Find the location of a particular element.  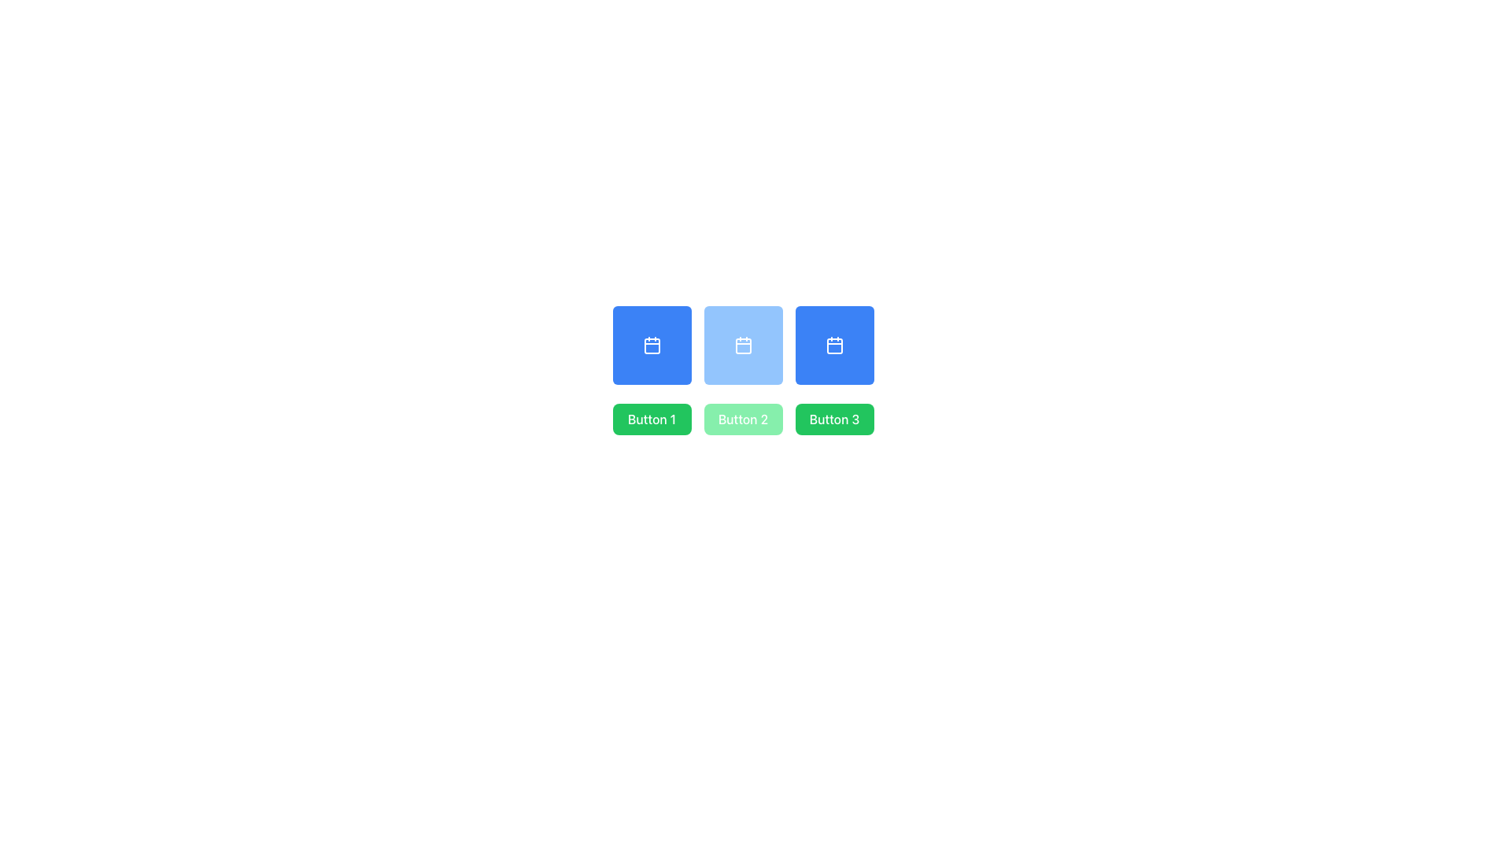

the SVG-based calendar icon located in the top-left position of a row of three similar icons is located at coordinates (652, 345).